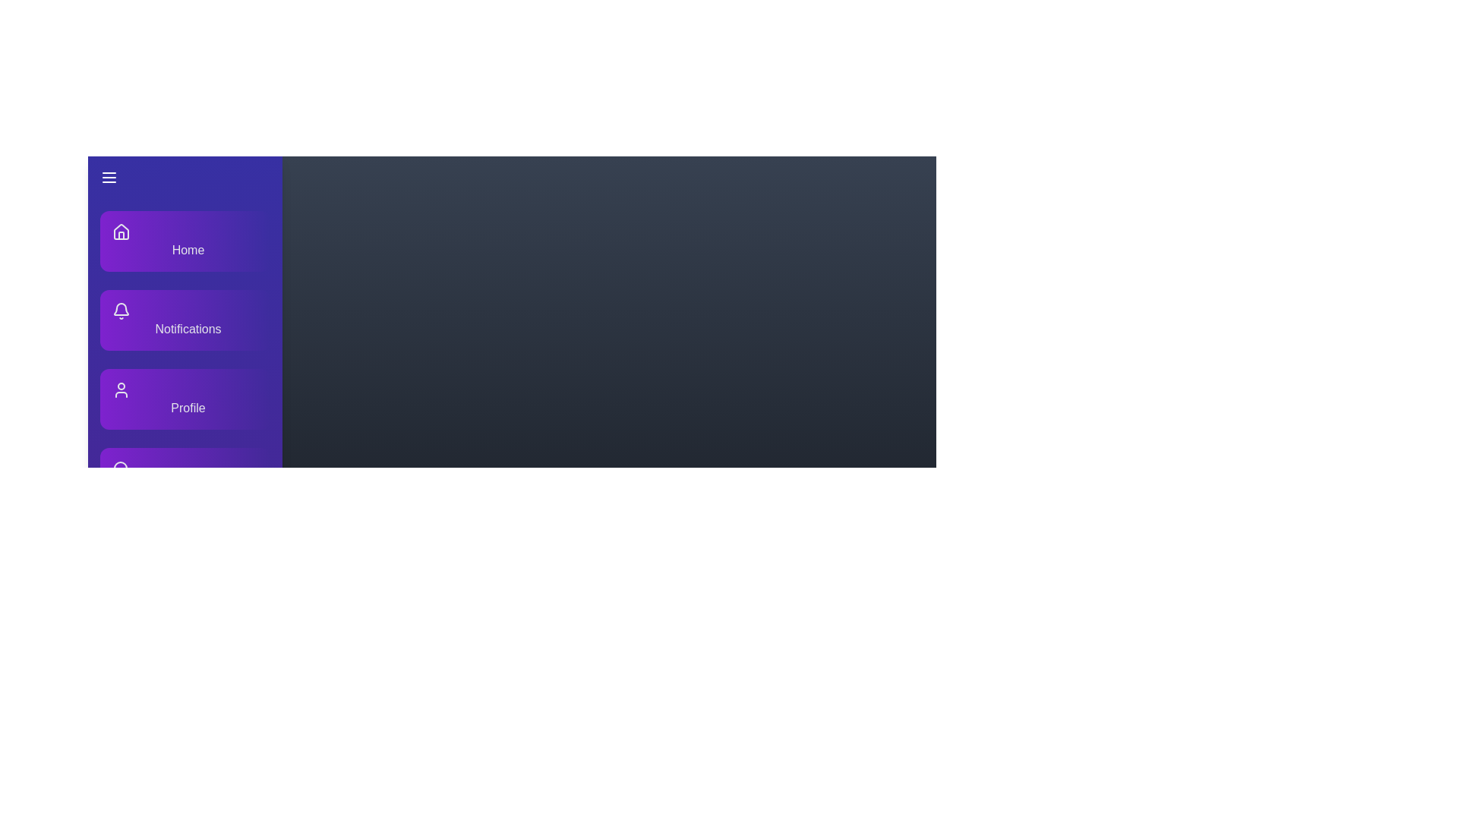  I want to click on the menu item labeled Home to navigate, so click(185, 240).